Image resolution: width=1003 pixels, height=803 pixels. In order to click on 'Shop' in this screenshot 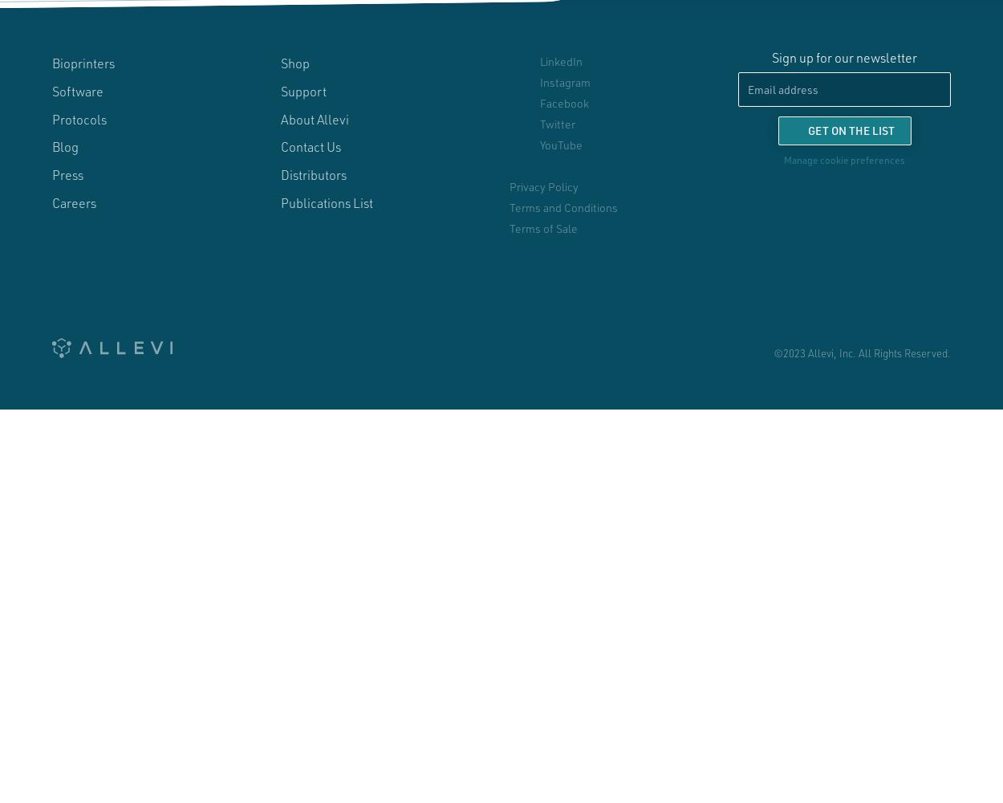, I will do `click(294, 62)`.